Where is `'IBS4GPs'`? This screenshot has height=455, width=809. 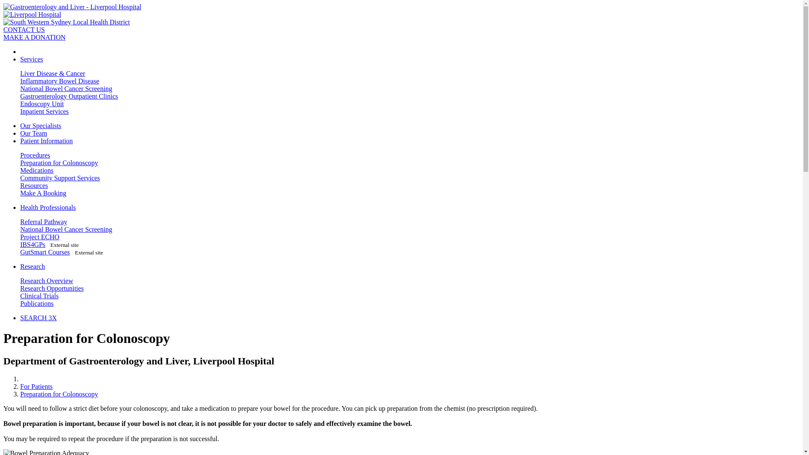
'IBS4GPs' is located at coordinates (32, 244).